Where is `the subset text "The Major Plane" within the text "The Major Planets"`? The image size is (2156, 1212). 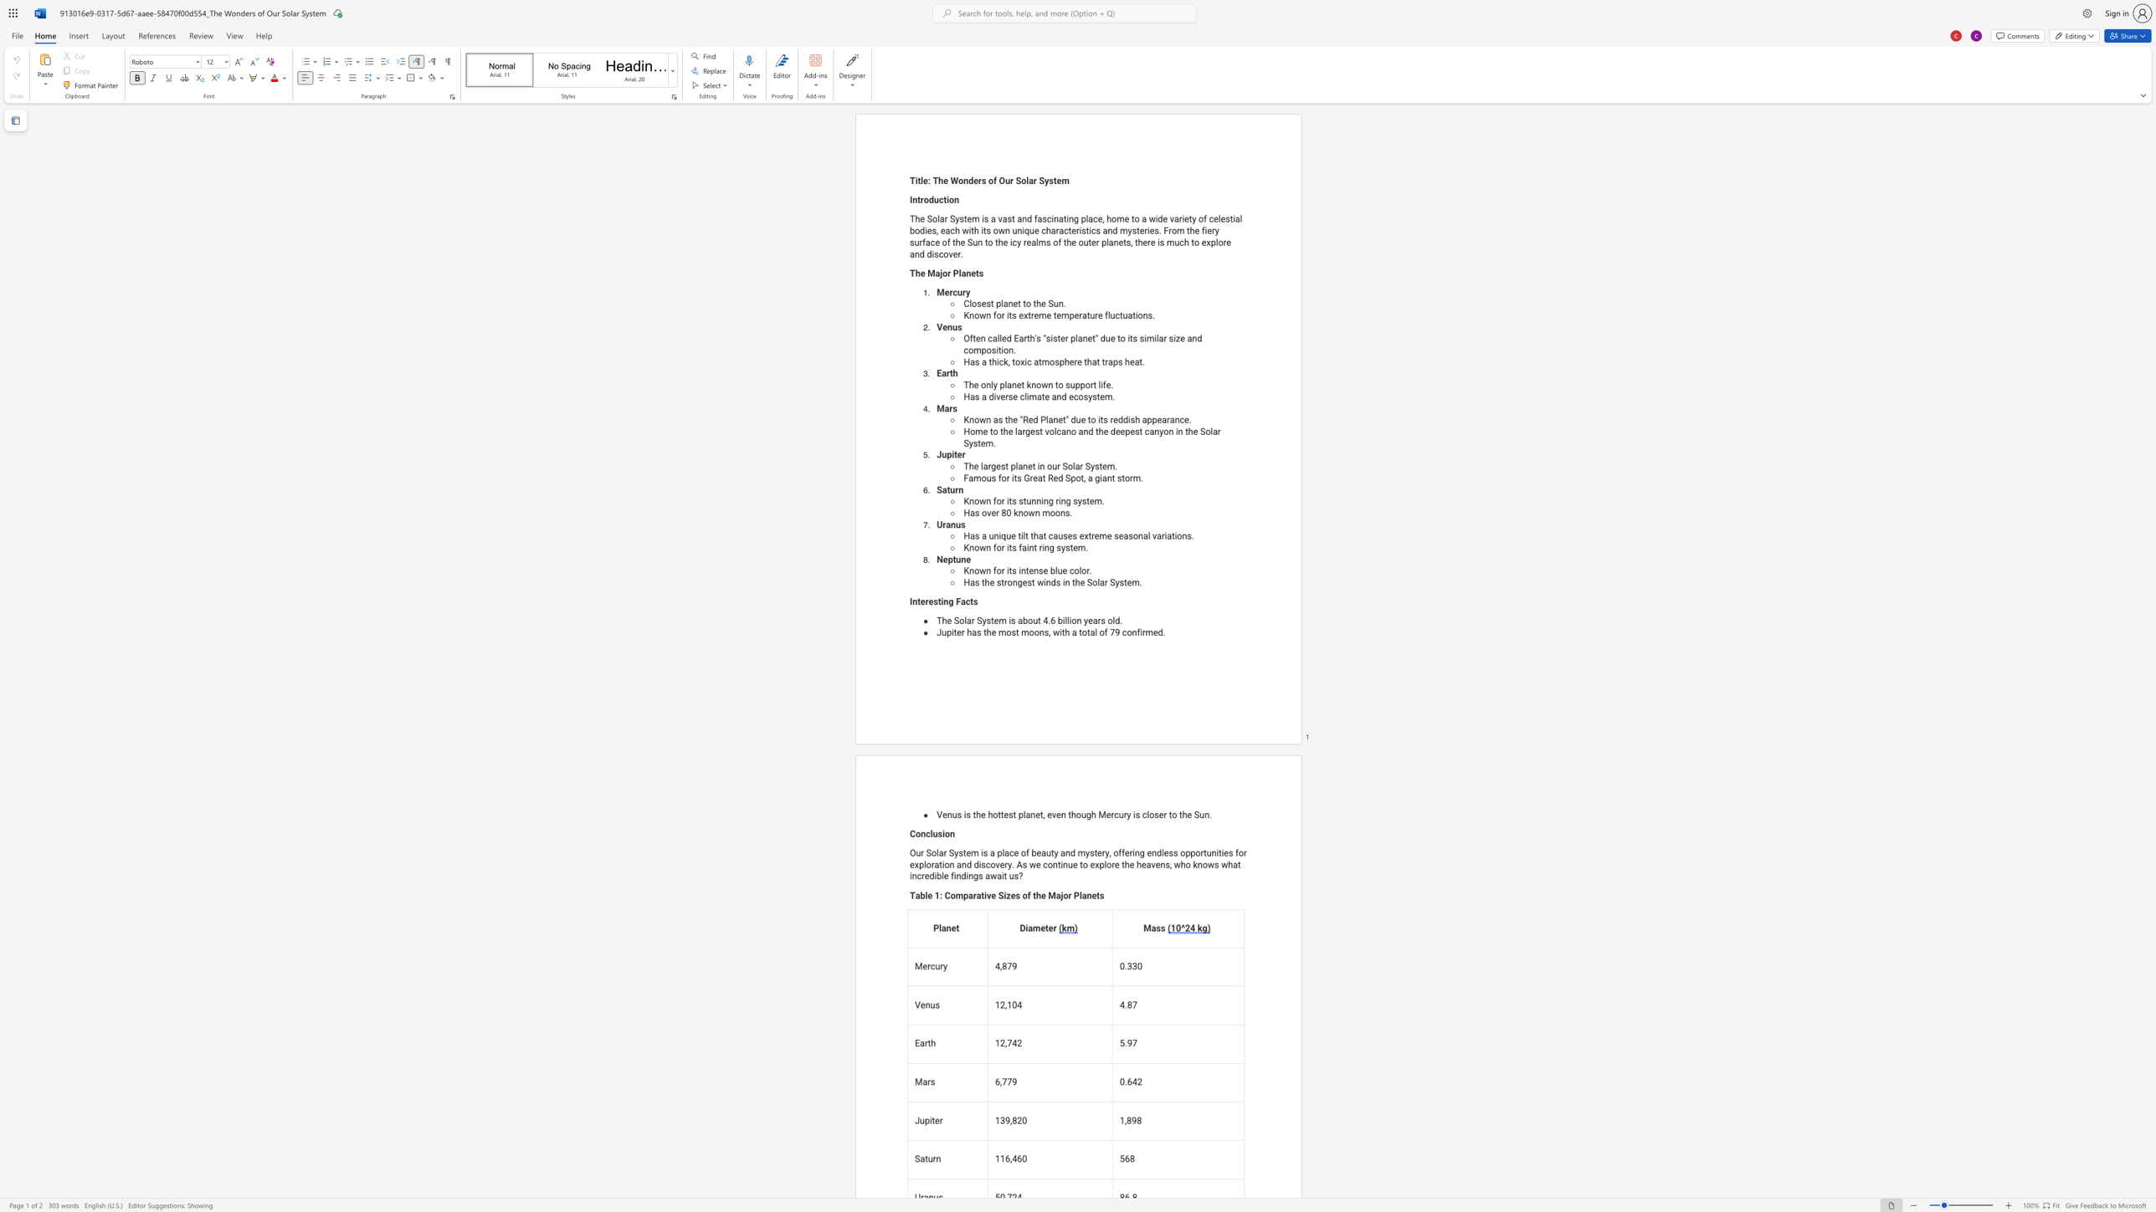 the subset text "The Major Plane" within the text "The Major Planets" is located at coordinates (910, 272).